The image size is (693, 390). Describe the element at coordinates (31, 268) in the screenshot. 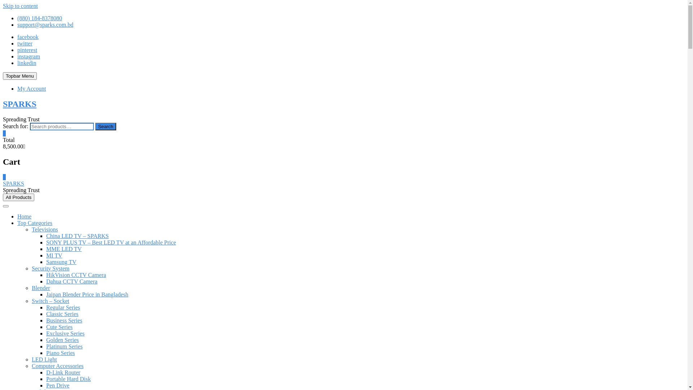

I see `'Security System'` at that location.